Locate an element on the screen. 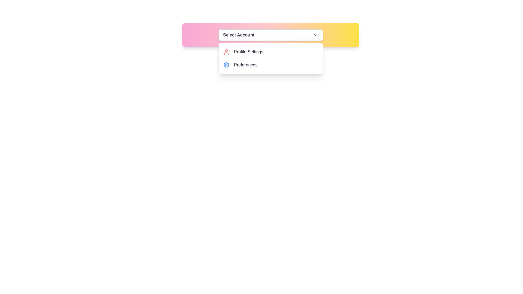 Image resolution: width=523 pixels, height=294 pixels. the first menu option in the dropdown list below the 'Select Account' button is located at coordinates (270, 52).